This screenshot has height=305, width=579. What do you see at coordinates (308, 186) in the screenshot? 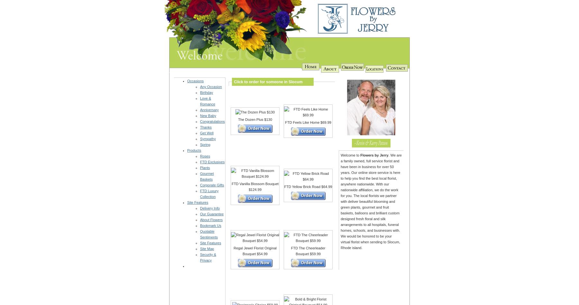
I see `'FTD Yellow Brick Road $64.99'` at bounding box center [308, 186].